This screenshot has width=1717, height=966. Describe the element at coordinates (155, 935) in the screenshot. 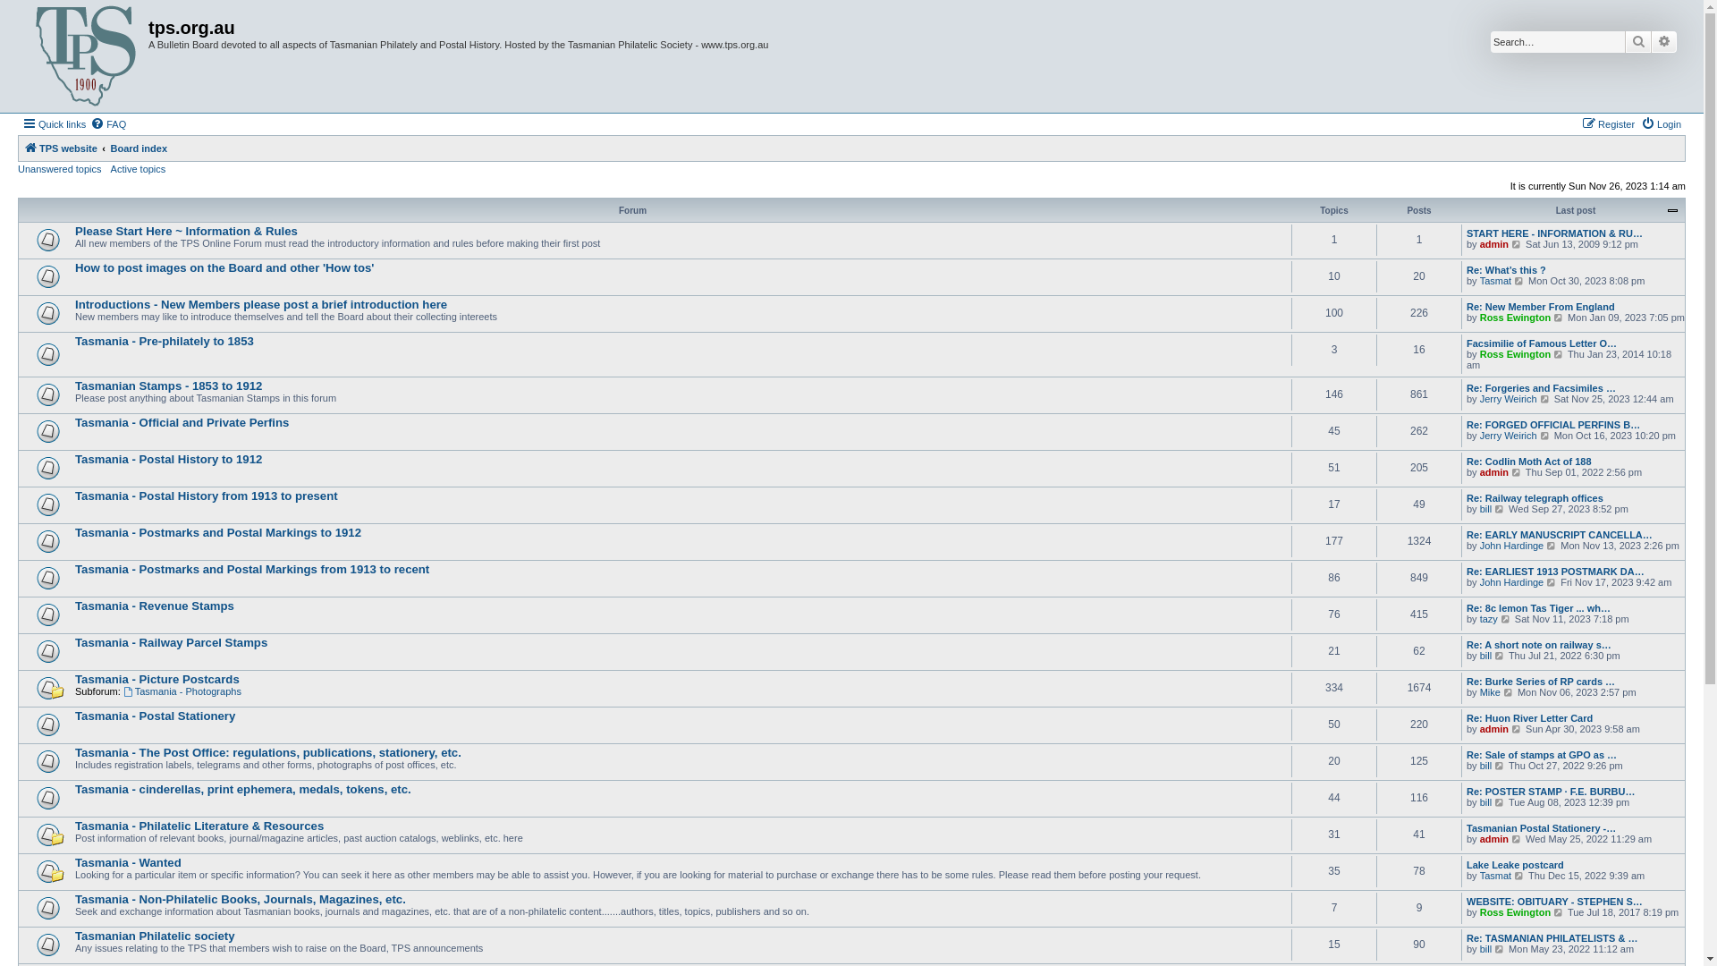

I see `'Tasmanian Philatelic society'` at that location.